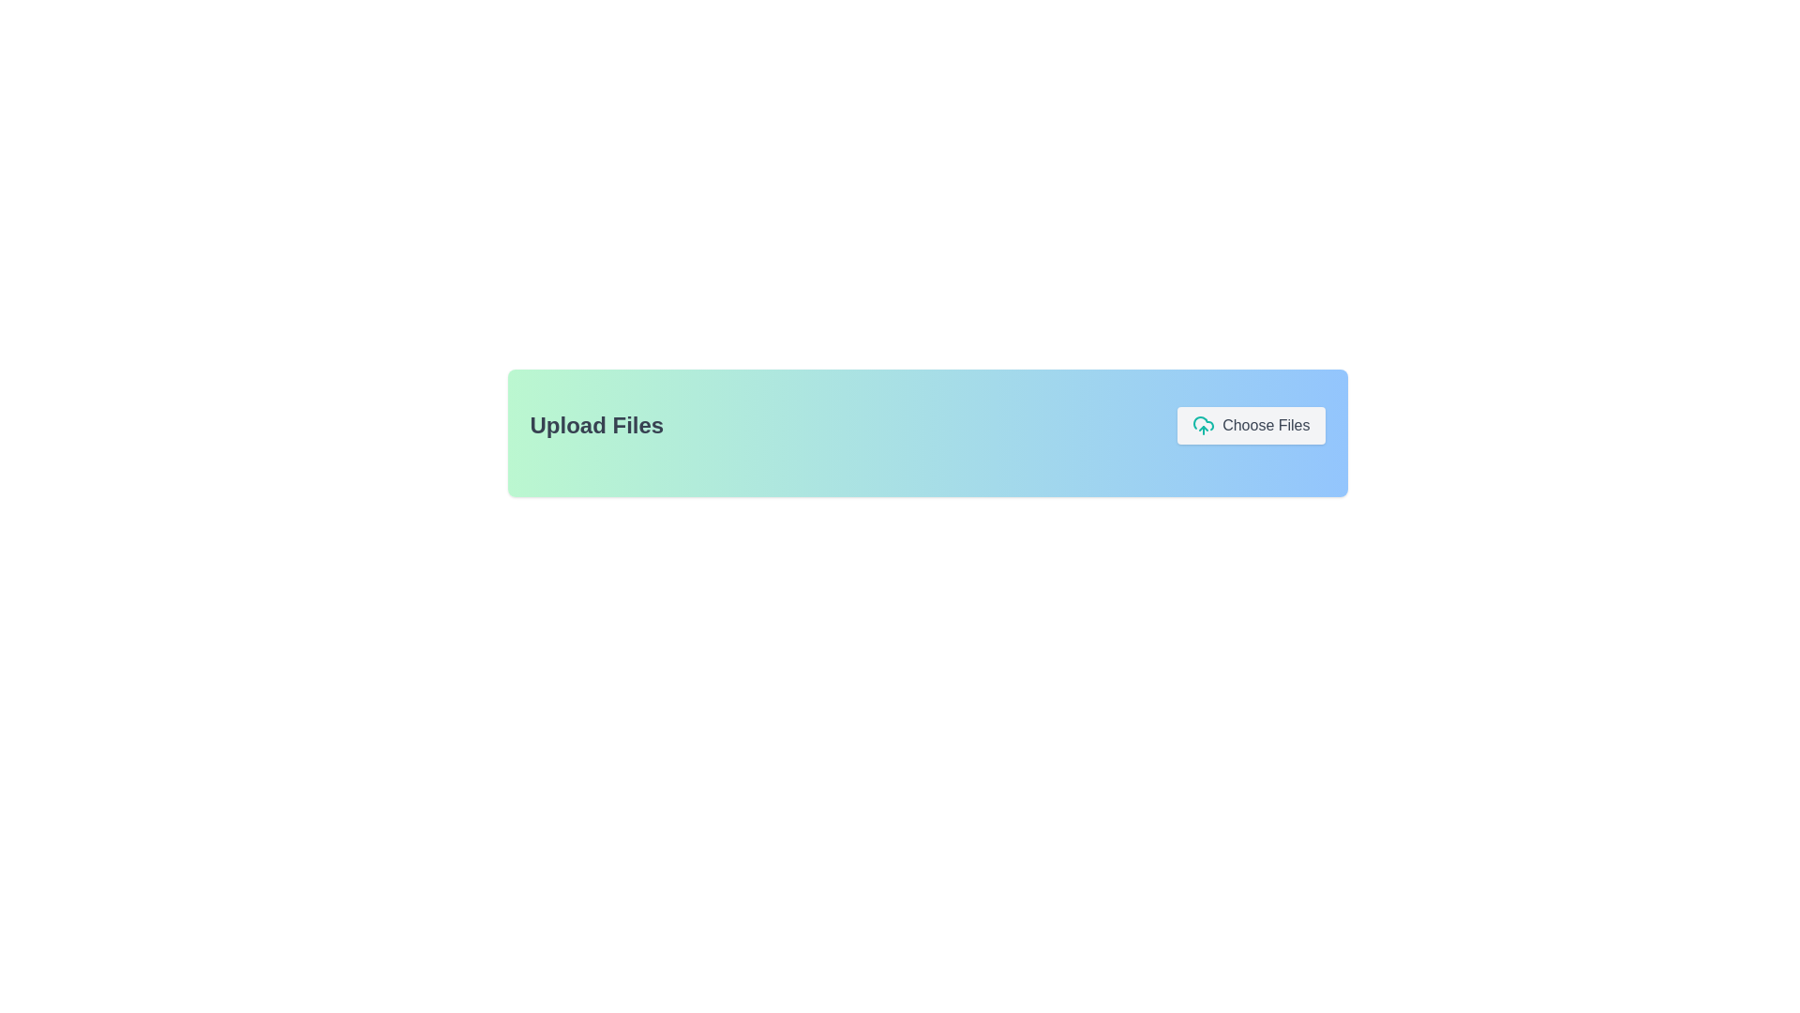  Describe the element at coordinates (1251, 426) in the screenshot. I see `the 'Choose Files' button, which is styled with a rounded light gray background and features an upload cloud icon` at that location.